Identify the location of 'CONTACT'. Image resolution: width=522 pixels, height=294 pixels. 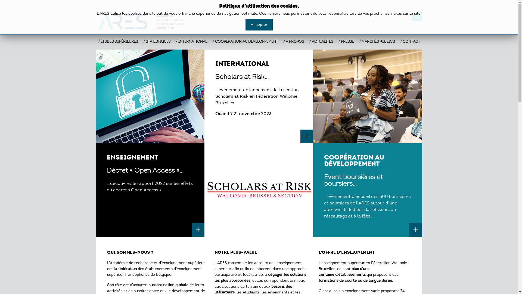
(410, 41).